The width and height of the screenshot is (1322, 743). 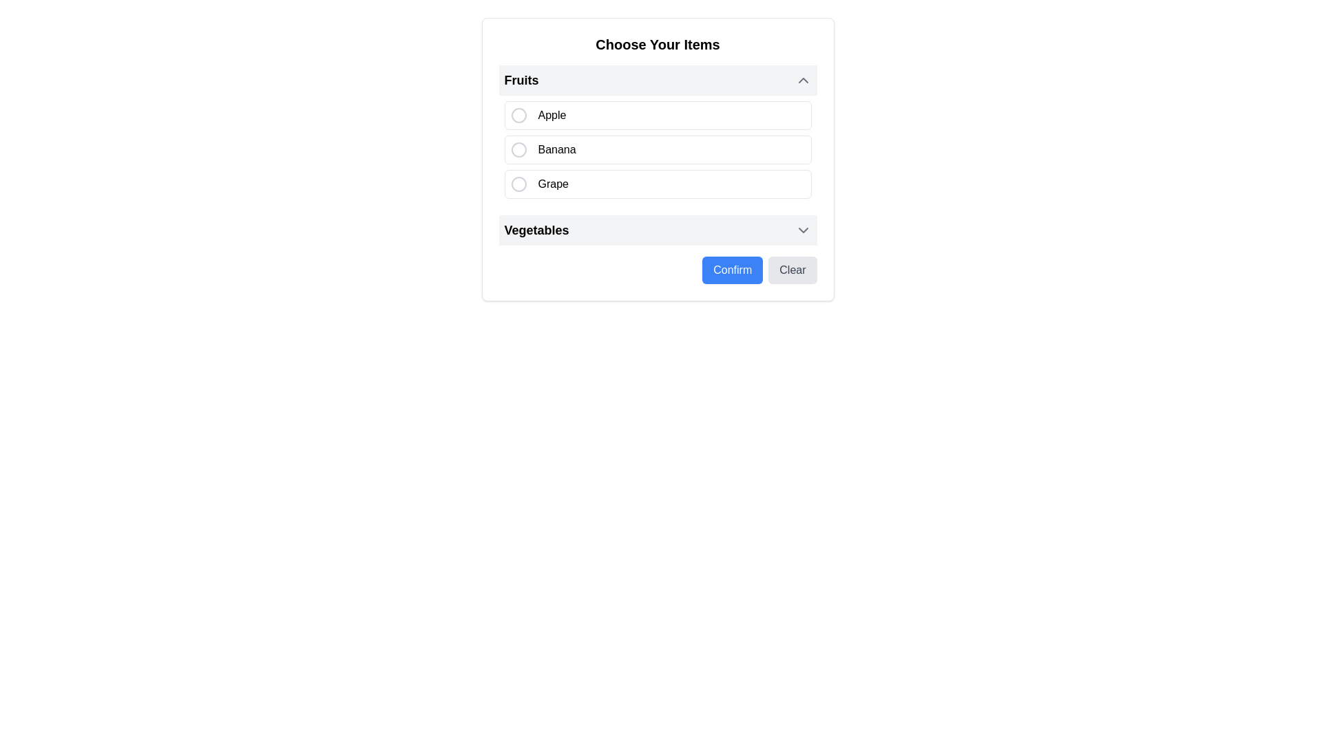 I want to click on the toggle icon button for the 'Fruits' section to observe visual changes, so click(x=803, y=80).